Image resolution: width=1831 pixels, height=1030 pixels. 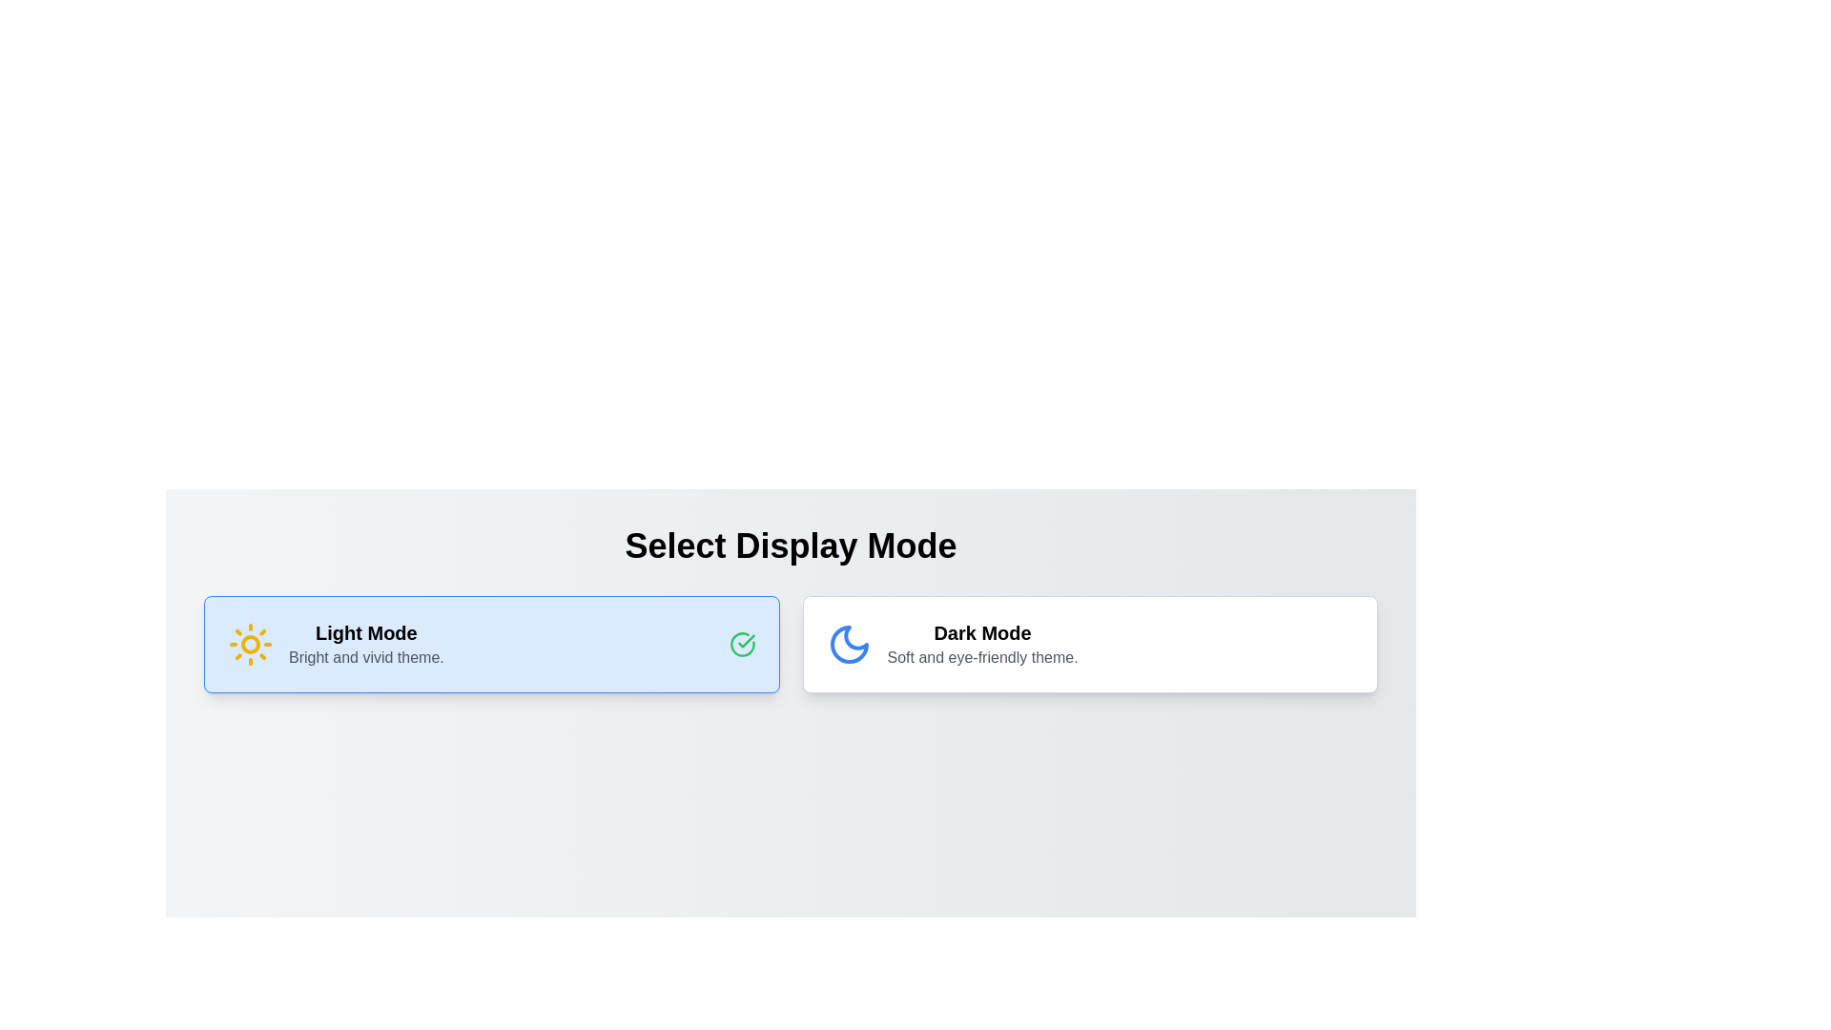 What do you see at coordinates (745, 641) in the screenshot?
I see `the green checkmark icon located in the top-right corner of the light blue card associated with 'Light Mode'` at bounding box center [745, 641].